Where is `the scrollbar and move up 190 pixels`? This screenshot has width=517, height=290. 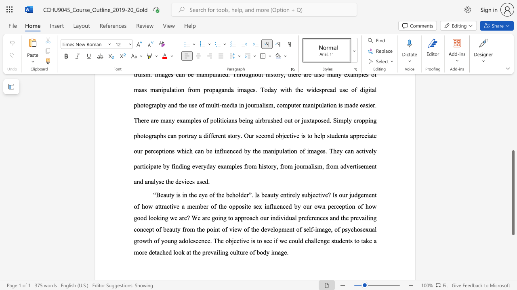 the scrollbar and move up 190 pixels is located at coordinates (513, 193).